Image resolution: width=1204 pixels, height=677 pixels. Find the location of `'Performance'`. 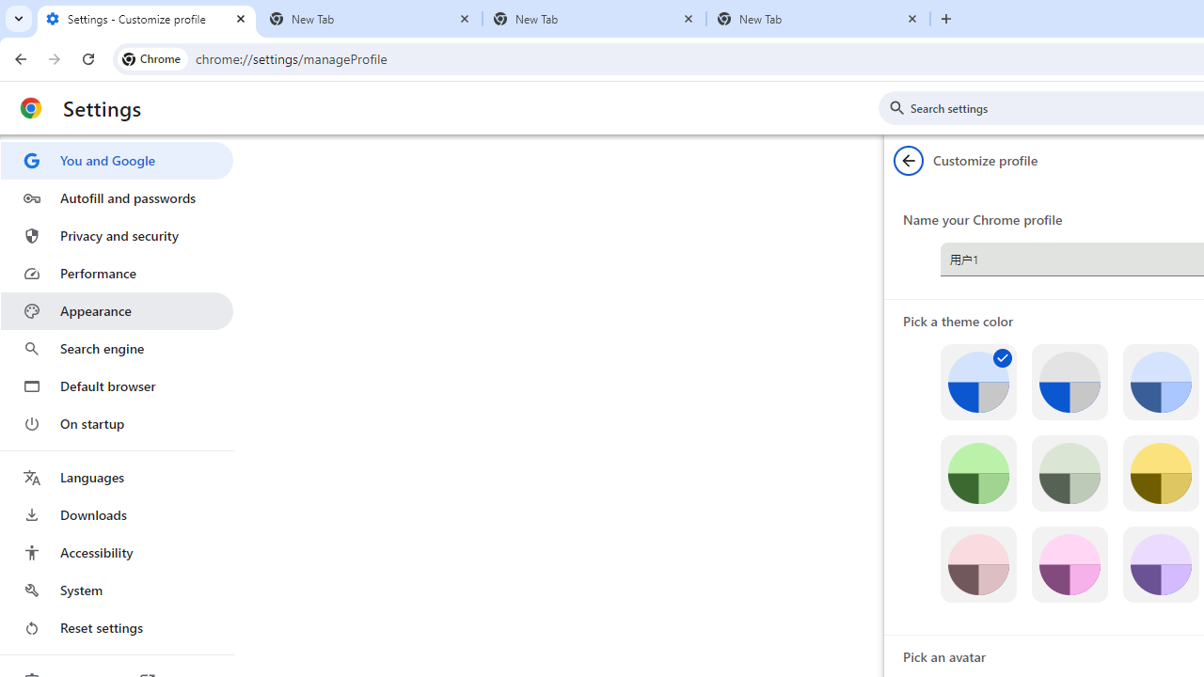

'Performance' is located at coordinates (116, 273).